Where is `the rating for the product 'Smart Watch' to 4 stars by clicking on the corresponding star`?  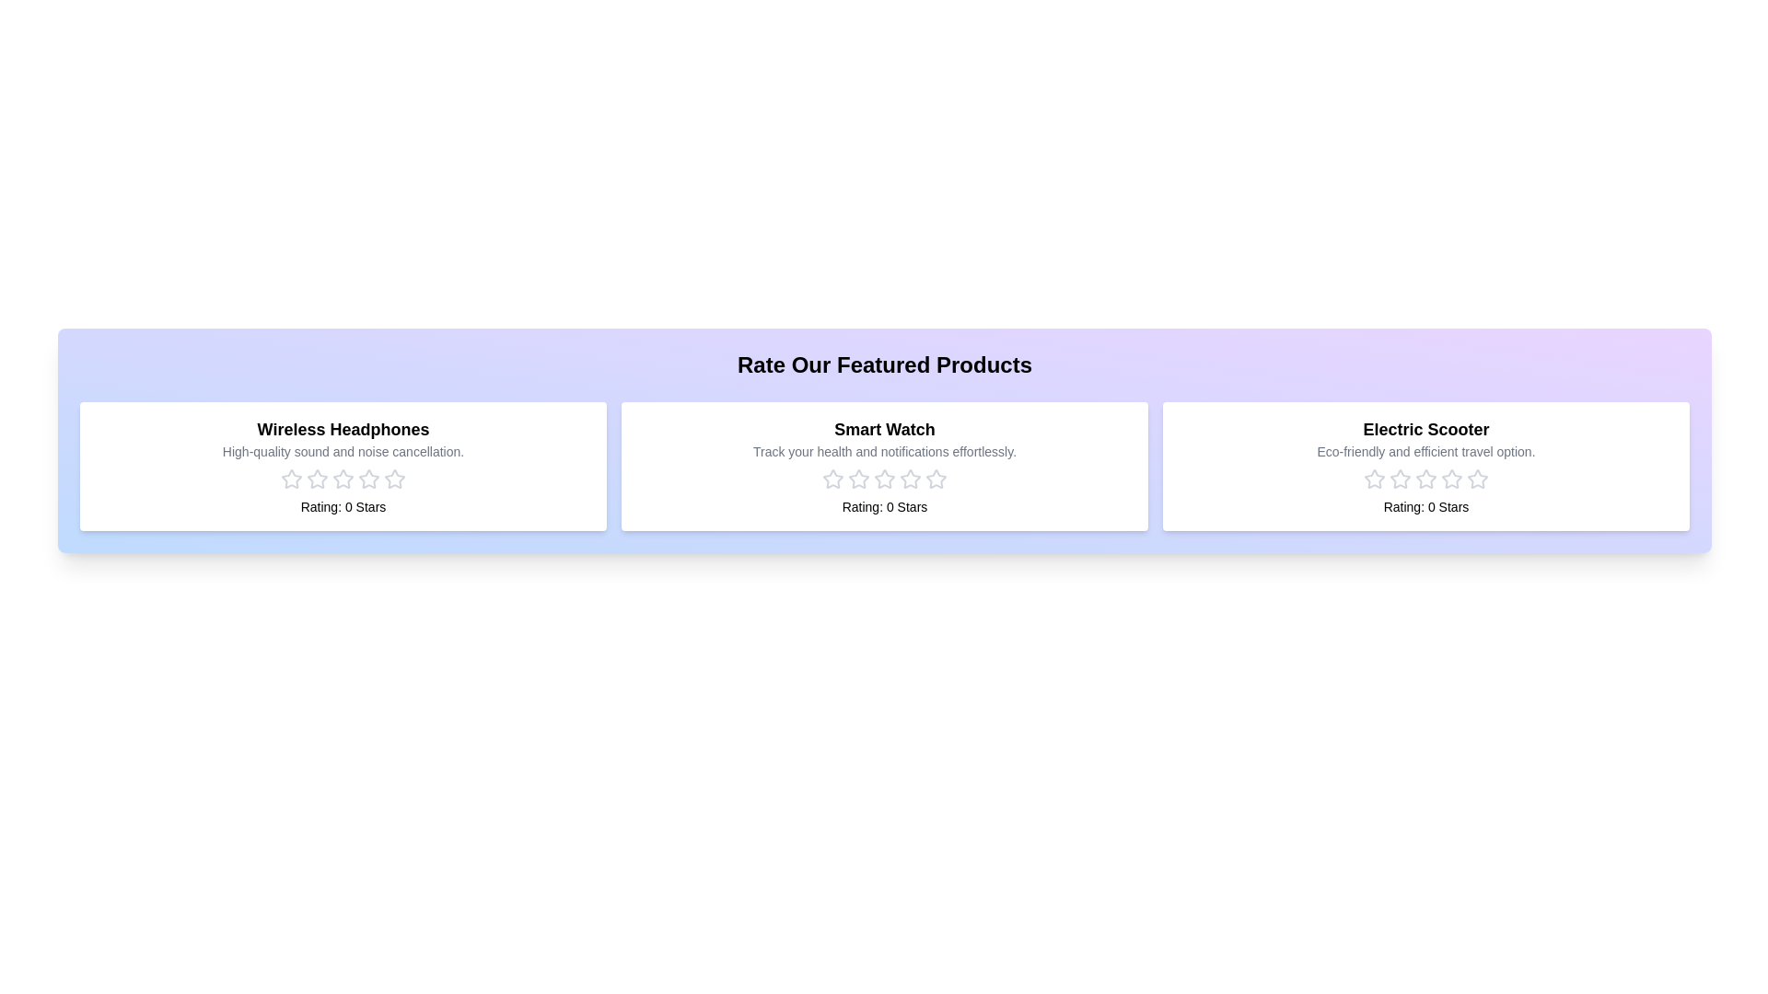
the rating for the product 'Smart Watch' to 4 stars by clicking on the corresponding star is located at coordinates (910, 478).